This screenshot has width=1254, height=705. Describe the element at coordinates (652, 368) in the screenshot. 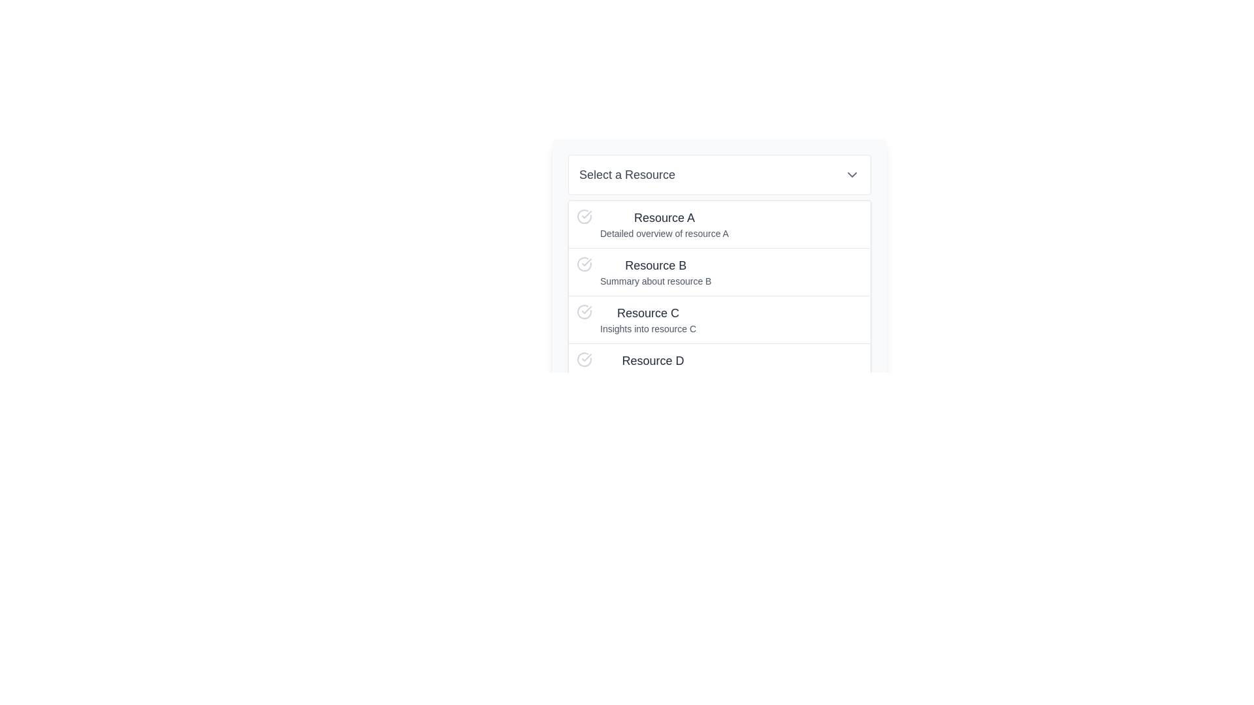

I see `text content of the static text block displaying the heading 'Resource D' and its description 'Information on resource D', which is the fourth entry in the resource list` at that location.